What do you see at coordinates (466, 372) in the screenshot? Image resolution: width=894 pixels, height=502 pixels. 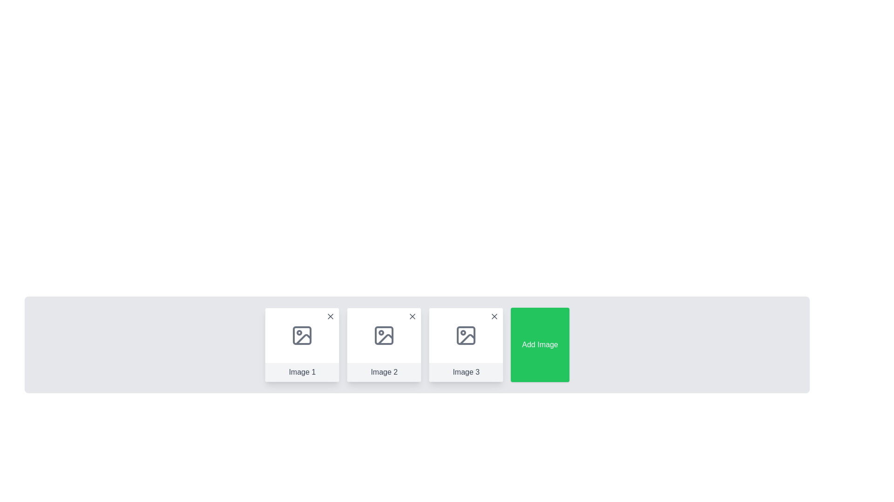 I see `the Text label that identifies the content of the third image card from the left, positioned beneath the image placeholder within its card` at bounding box center [466, 372].